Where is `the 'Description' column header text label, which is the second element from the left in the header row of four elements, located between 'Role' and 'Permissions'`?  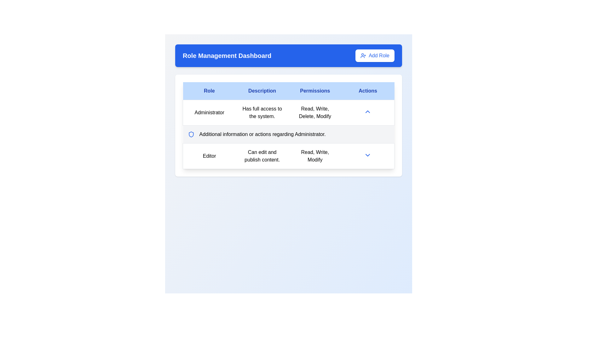 the 'Description' column header text label, which is the second element from the left in the header row of four elements, located between 'Role' and 'Permissions' is located at coordinates (262, 91).